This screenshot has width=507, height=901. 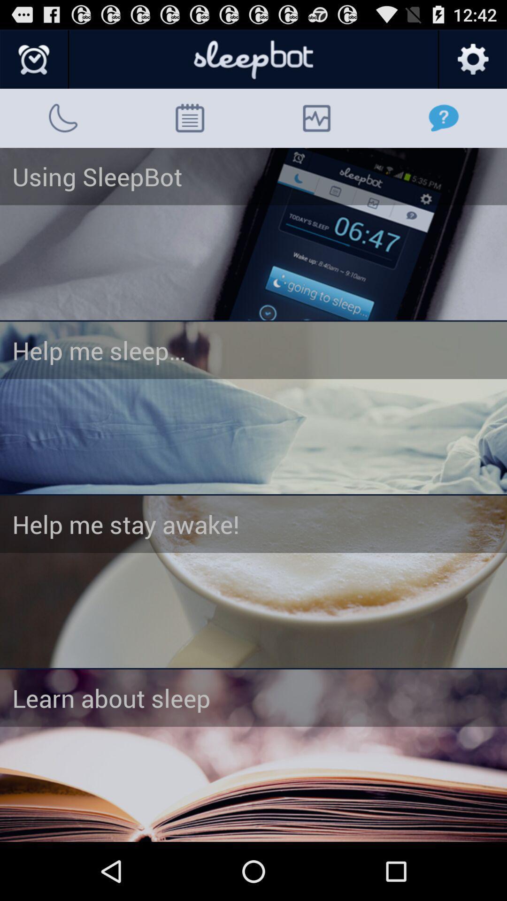 I want to click on click on section, so click(x=253, y=756).